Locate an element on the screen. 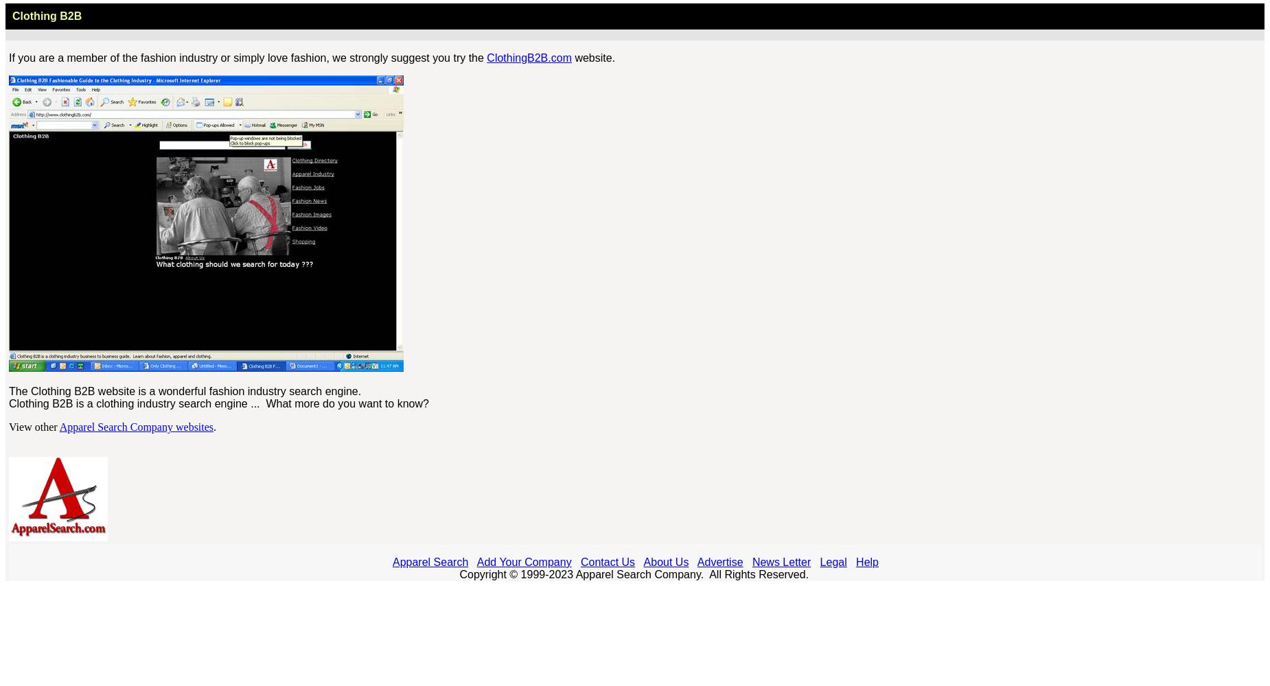  '.' is located at coordinates (214, 426).